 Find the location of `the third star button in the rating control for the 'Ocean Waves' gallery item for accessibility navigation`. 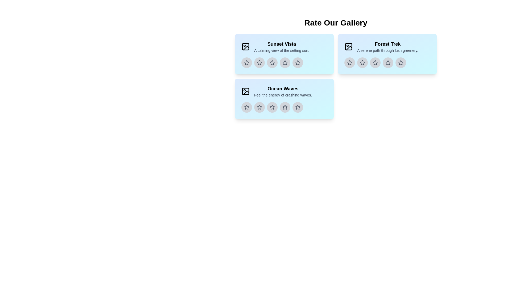

the third star button in the rating control for the 'Ocean Waves' gallery item for accessibility navigation is located at coordinates (272, 107).